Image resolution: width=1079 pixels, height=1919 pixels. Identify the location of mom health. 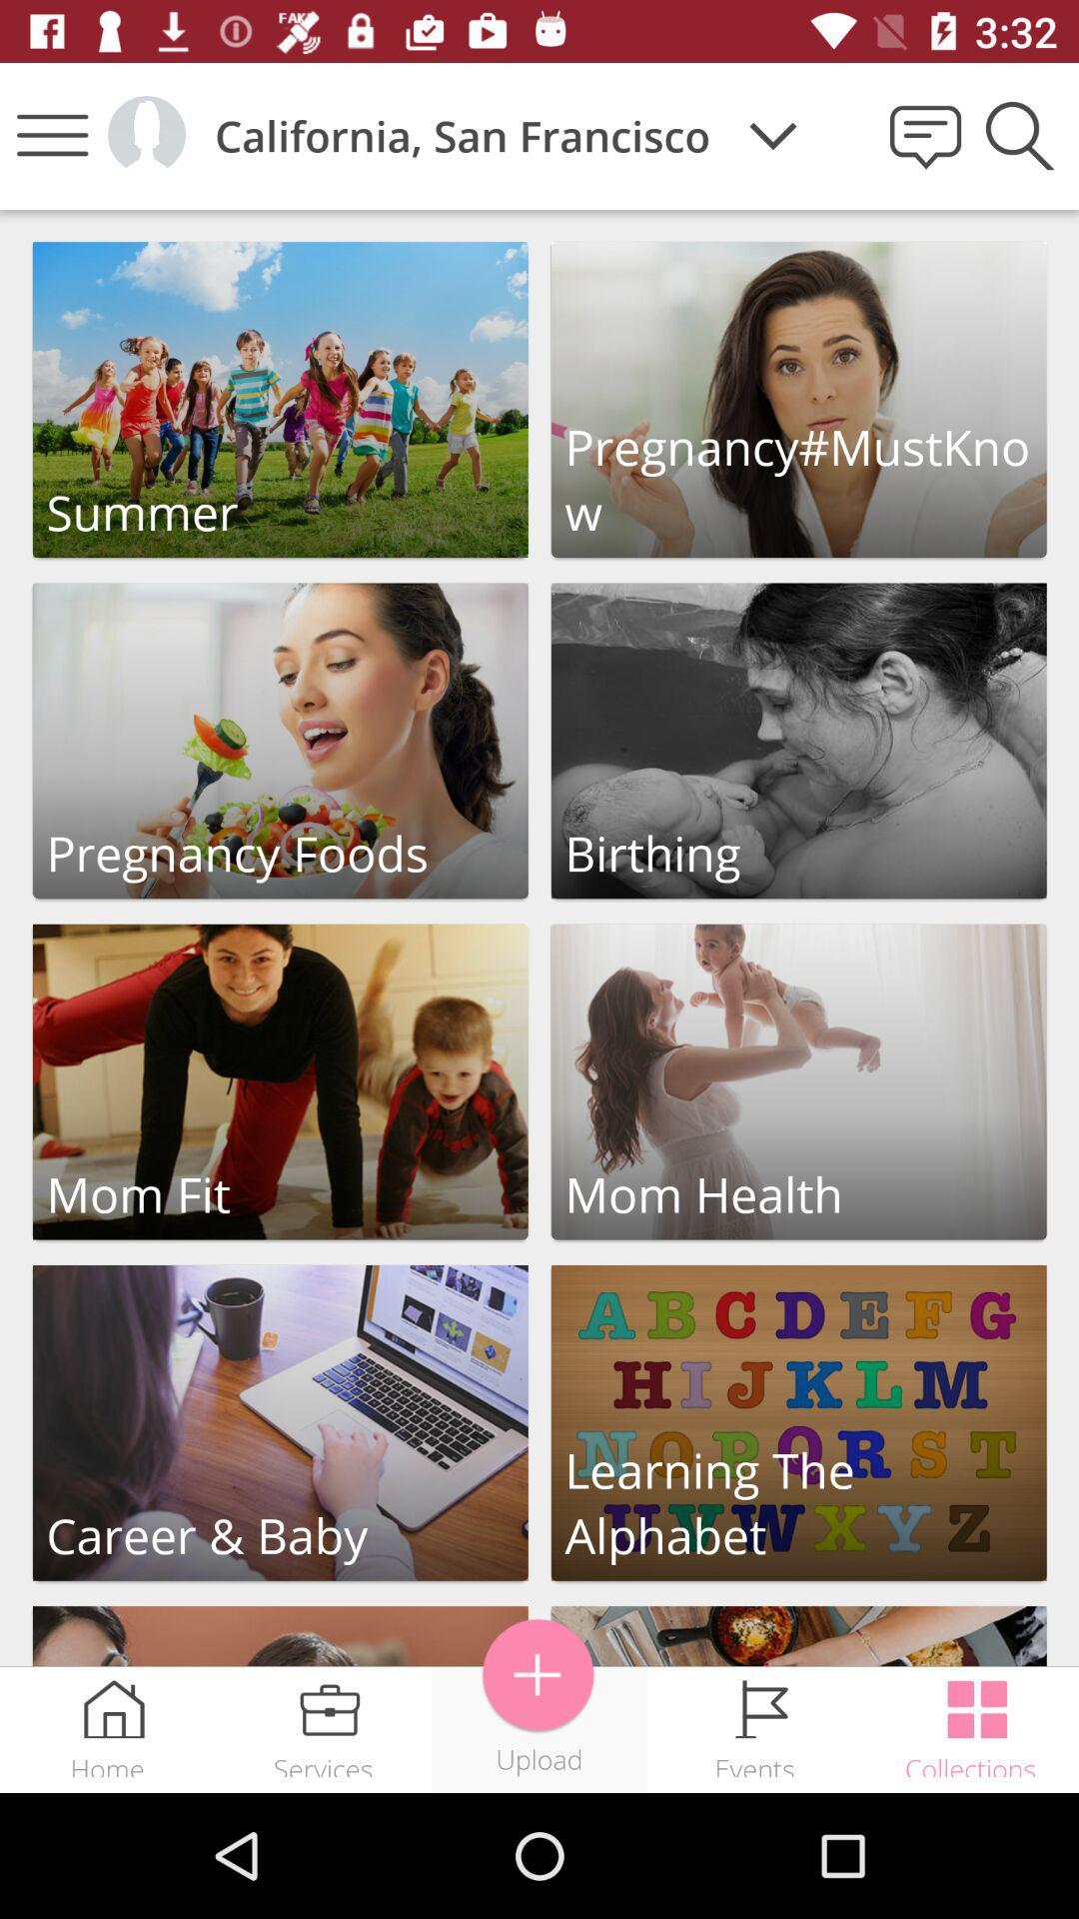
(797, 1080).